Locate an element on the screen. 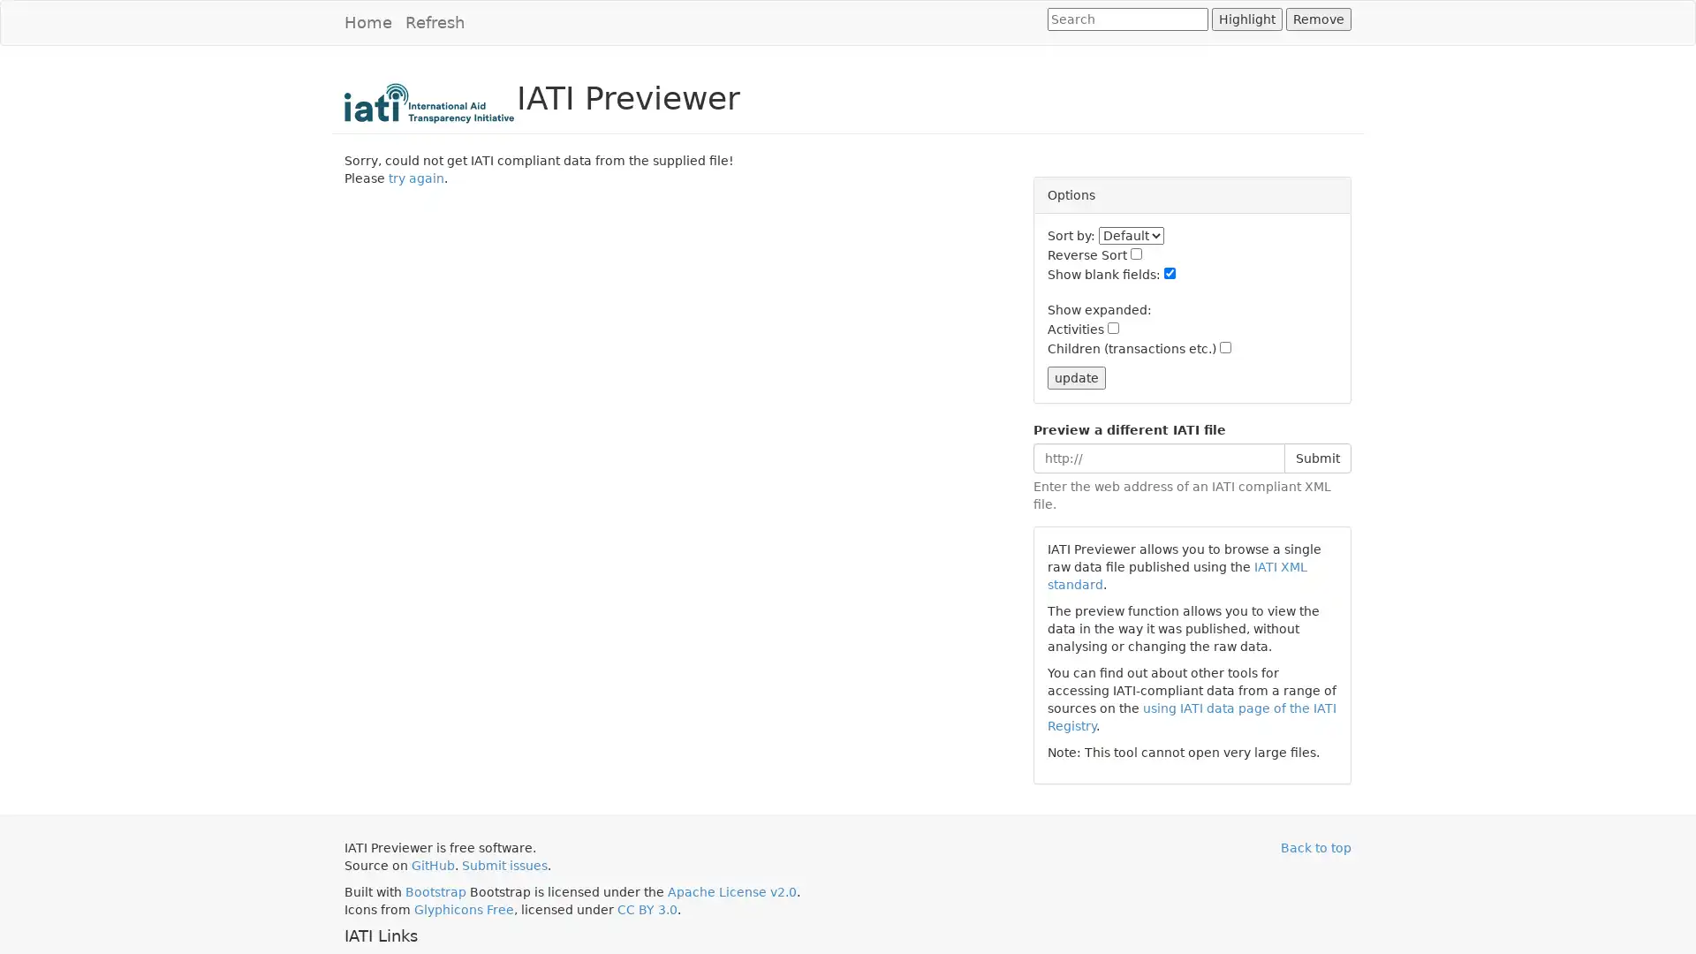 This screenshot has width=1696, height=954. Remove is located at coordinates (1318, 19).